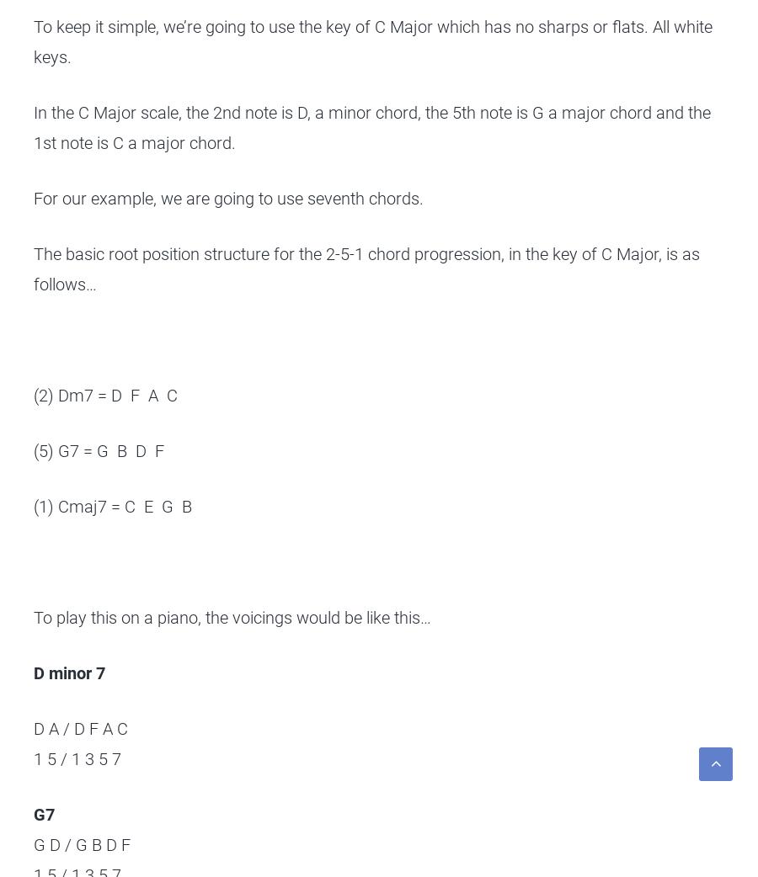 This screenshot has height=877, width=758. Describe the element at coordinates (32, 505) in the screenshot. I see `'(1) Cmaj7 = C  E  G  B'` at that location.